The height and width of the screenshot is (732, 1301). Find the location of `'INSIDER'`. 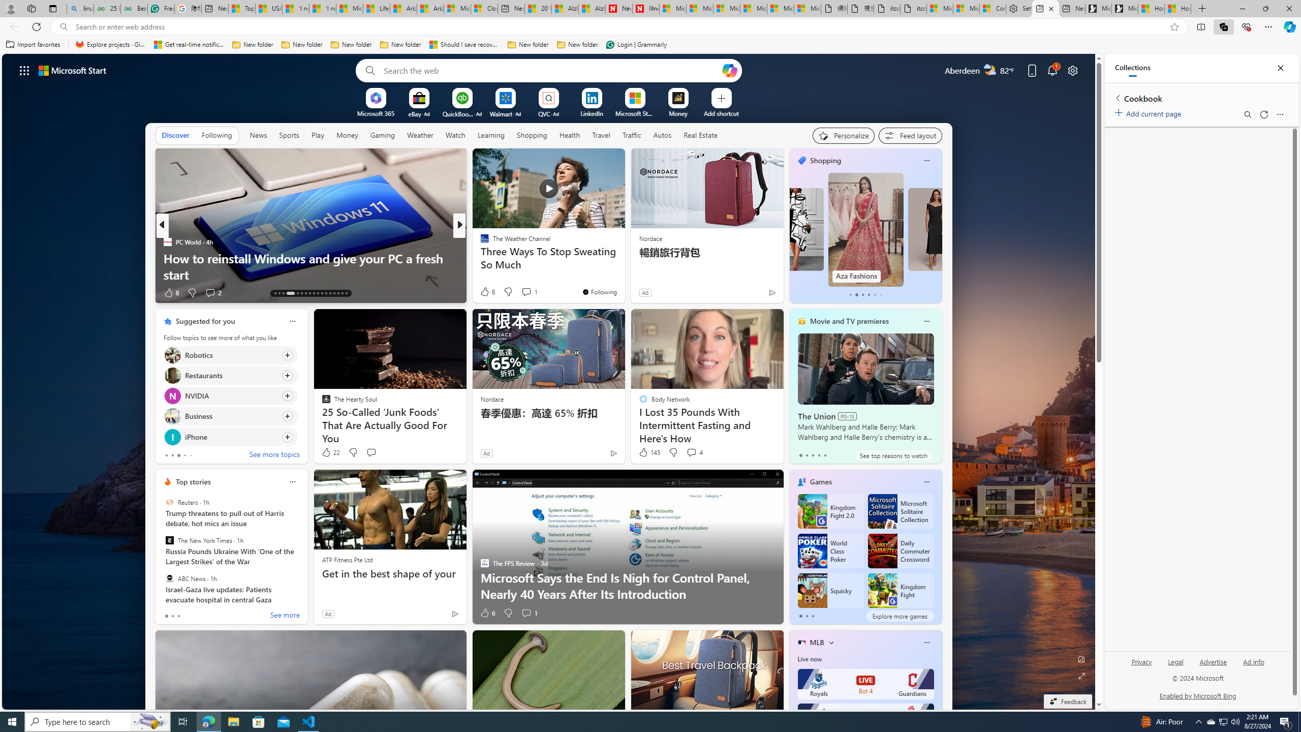

'INSIDER' is located at coordinates (480, 241).